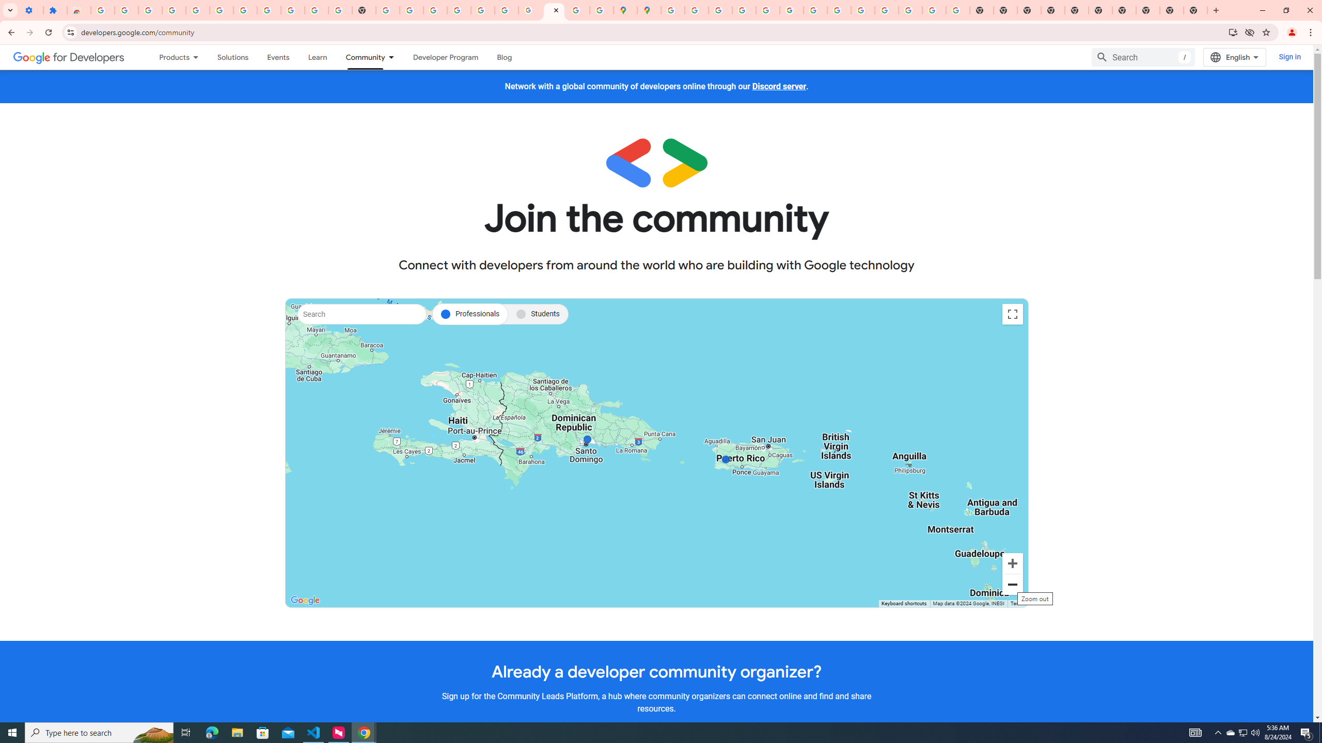  What do you see at coordinates (70, 31) in the screenshot?
I see `'View site information'` at bounding box center [70, 31].